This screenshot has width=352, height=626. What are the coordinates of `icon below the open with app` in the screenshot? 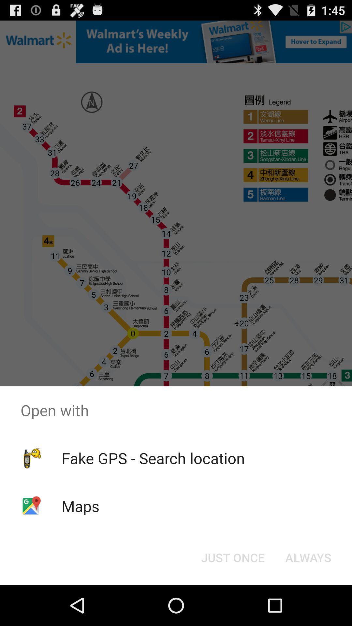 It's located at (153, 458).